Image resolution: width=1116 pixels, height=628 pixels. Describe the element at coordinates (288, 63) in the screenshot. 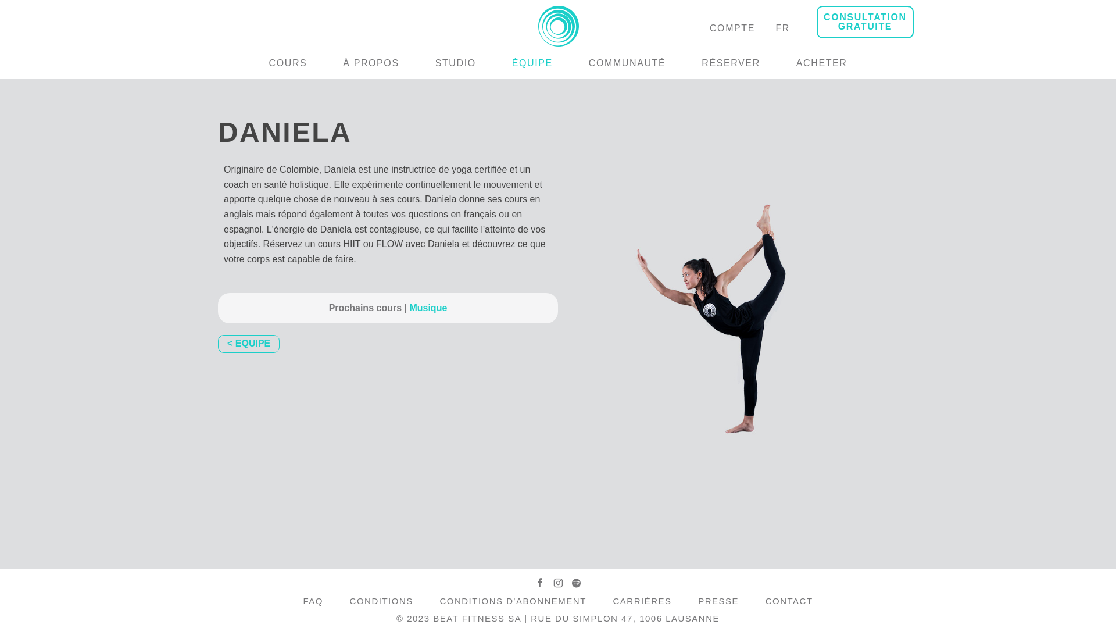

I see `'COURS'` at that location.